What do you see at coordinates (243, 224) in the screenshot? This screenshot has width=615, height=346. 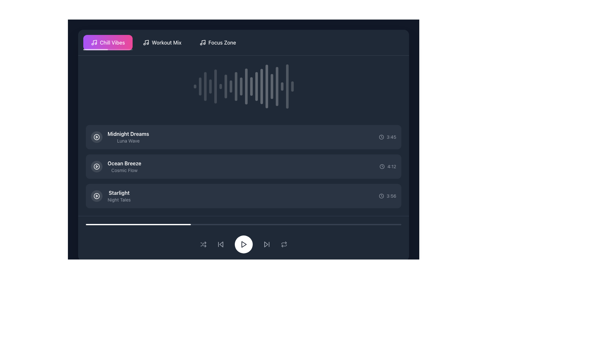 I see `the progress bar located below the list of tracks and above the playback control buttons to seek to a different point in the media playback` at bounding box center [243, 224].